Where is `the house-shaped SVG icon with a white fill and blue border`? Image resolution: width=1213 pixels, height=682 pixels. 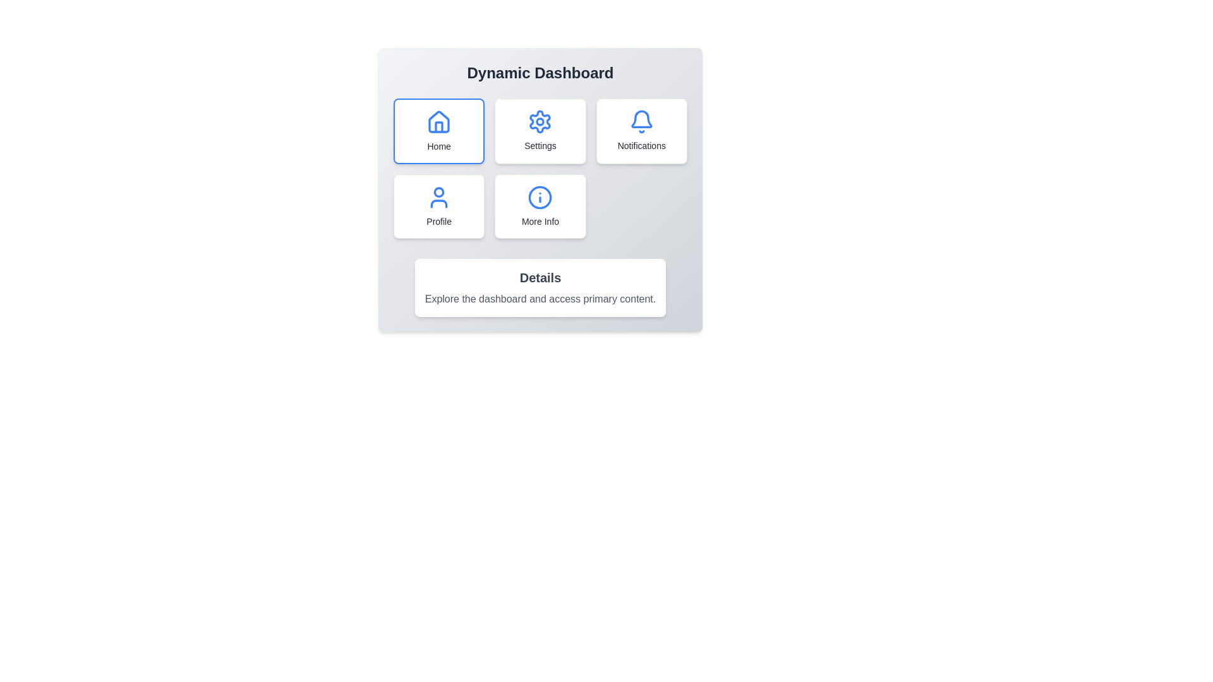 the house-shaped SVG icon with a white fill and blue border is located at coordinates (439, 122).